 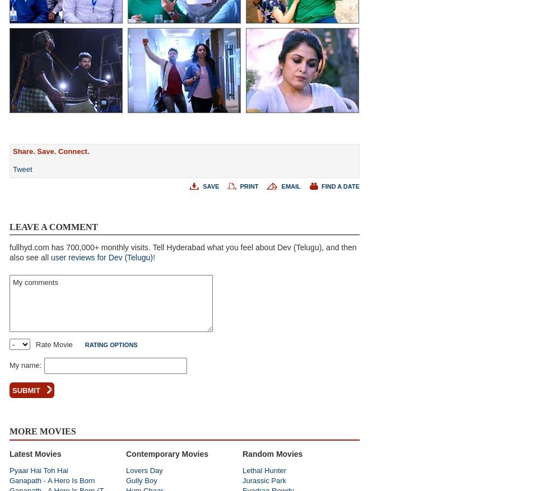 What do you see at coordinates (54, 344) in the screenshot?
I see `'Rate Movie'` at bounding box center [54, 344].